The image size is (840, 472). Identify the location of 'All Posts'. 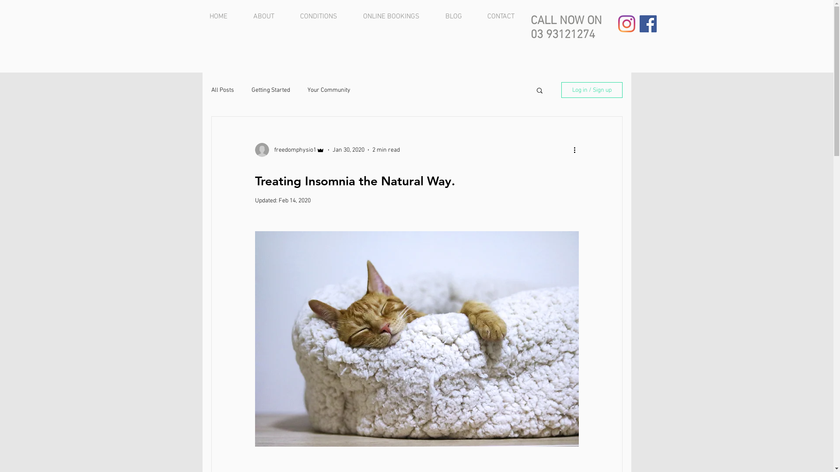
(222, 90).